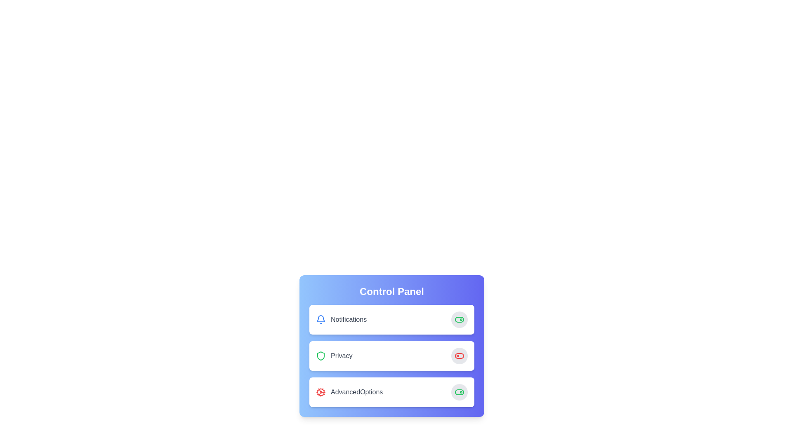 Image resolution: width=792 pixels, height=445 pixels. Describe the element at coordinates (391, 356) in the screenshot. I see `the toggle on the middle list item in the vertical list of three options to change its privacy state` at that location.